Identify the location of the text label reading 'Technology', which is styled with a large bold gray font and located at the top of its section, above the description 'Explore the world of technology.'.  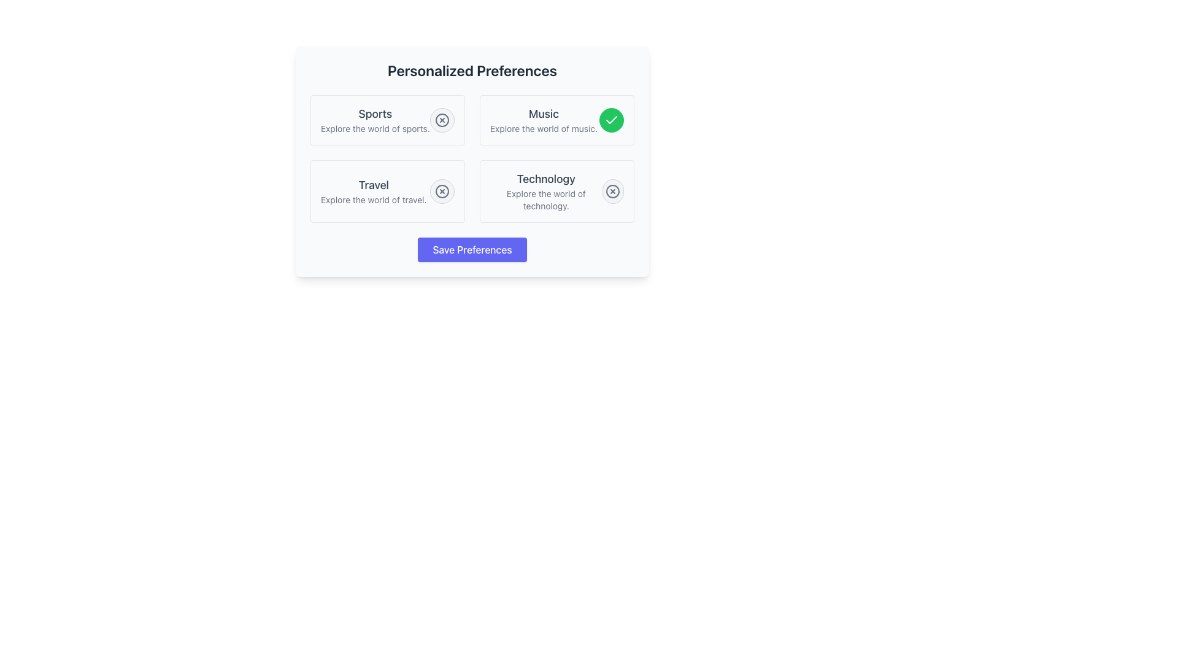
(545, 179).